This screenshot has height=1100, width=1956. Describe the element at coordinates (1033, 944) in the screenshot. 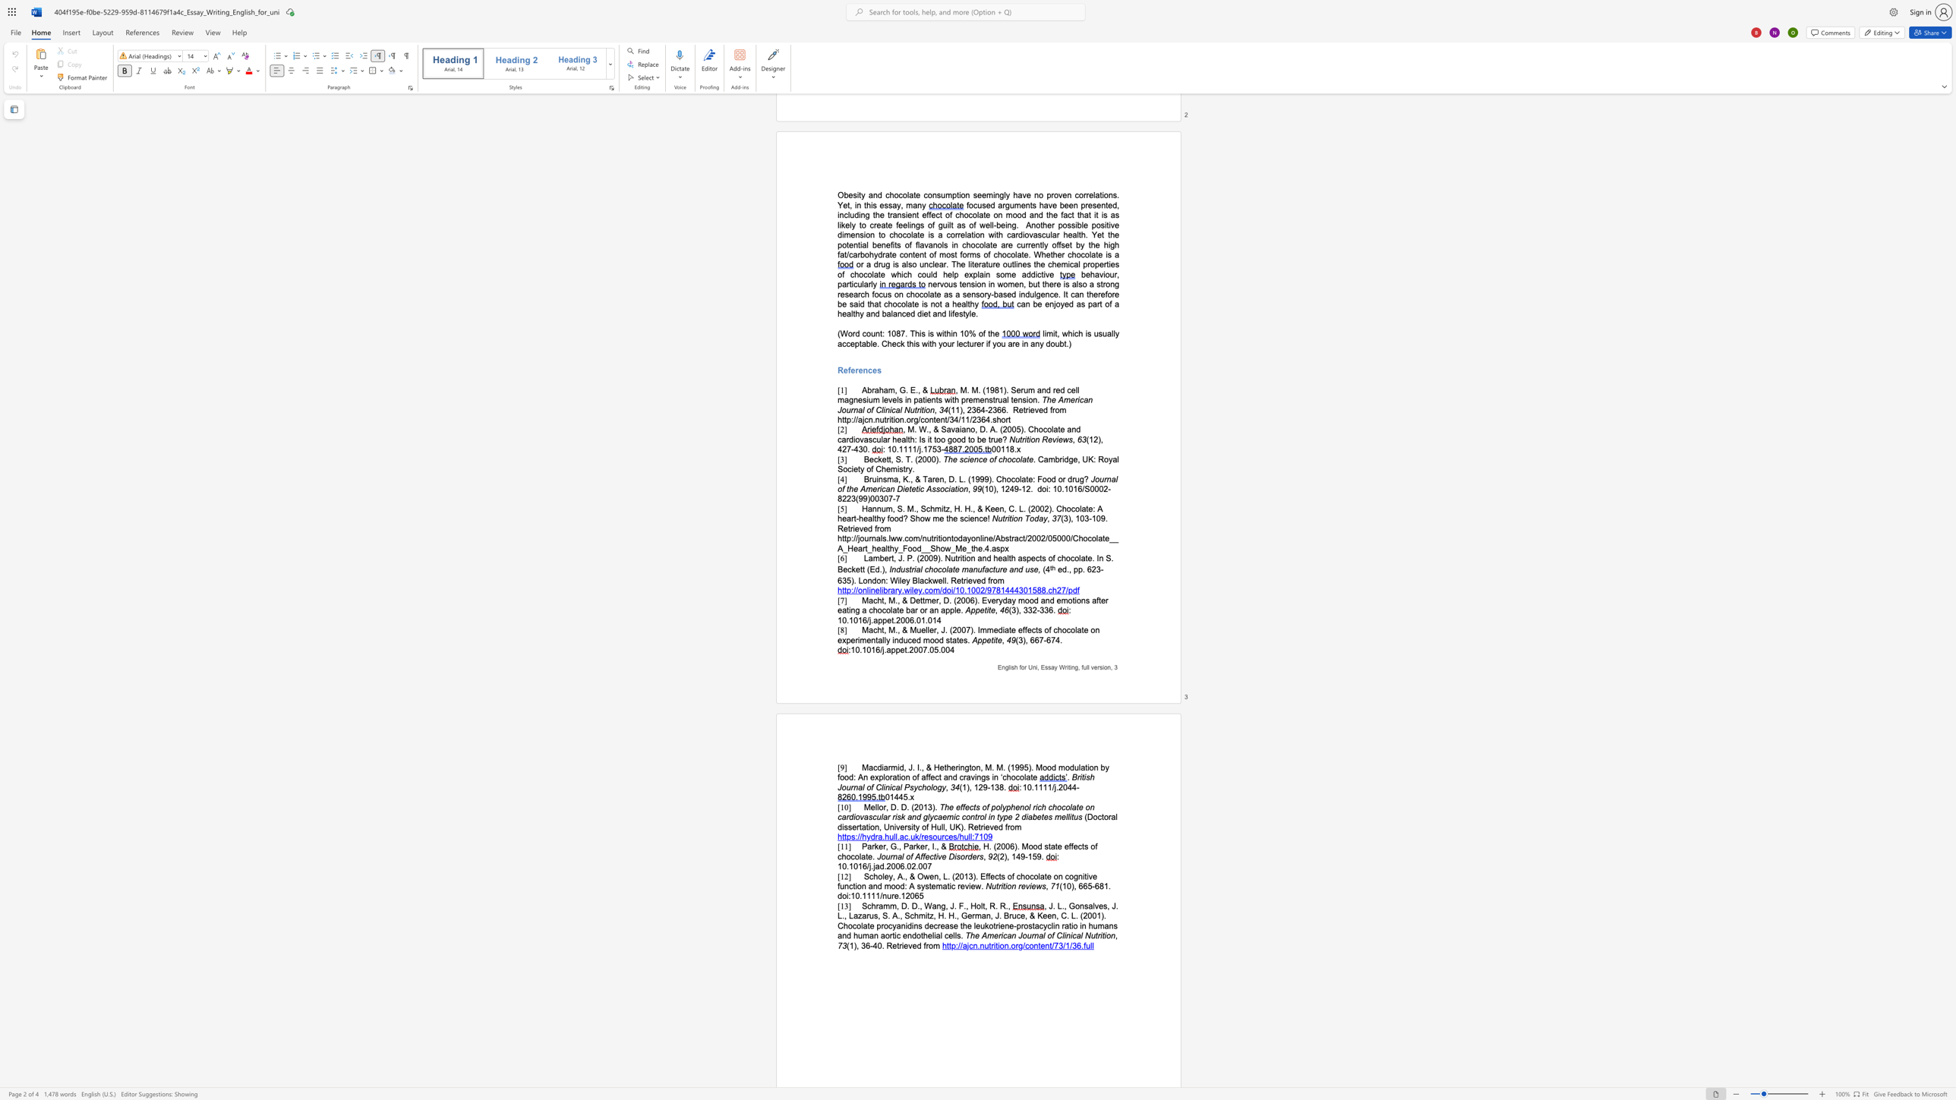

I see `the subset text "ntent/" within the text "http://ajcn.nutrition.org/content/73/1/36.full"` at that location.